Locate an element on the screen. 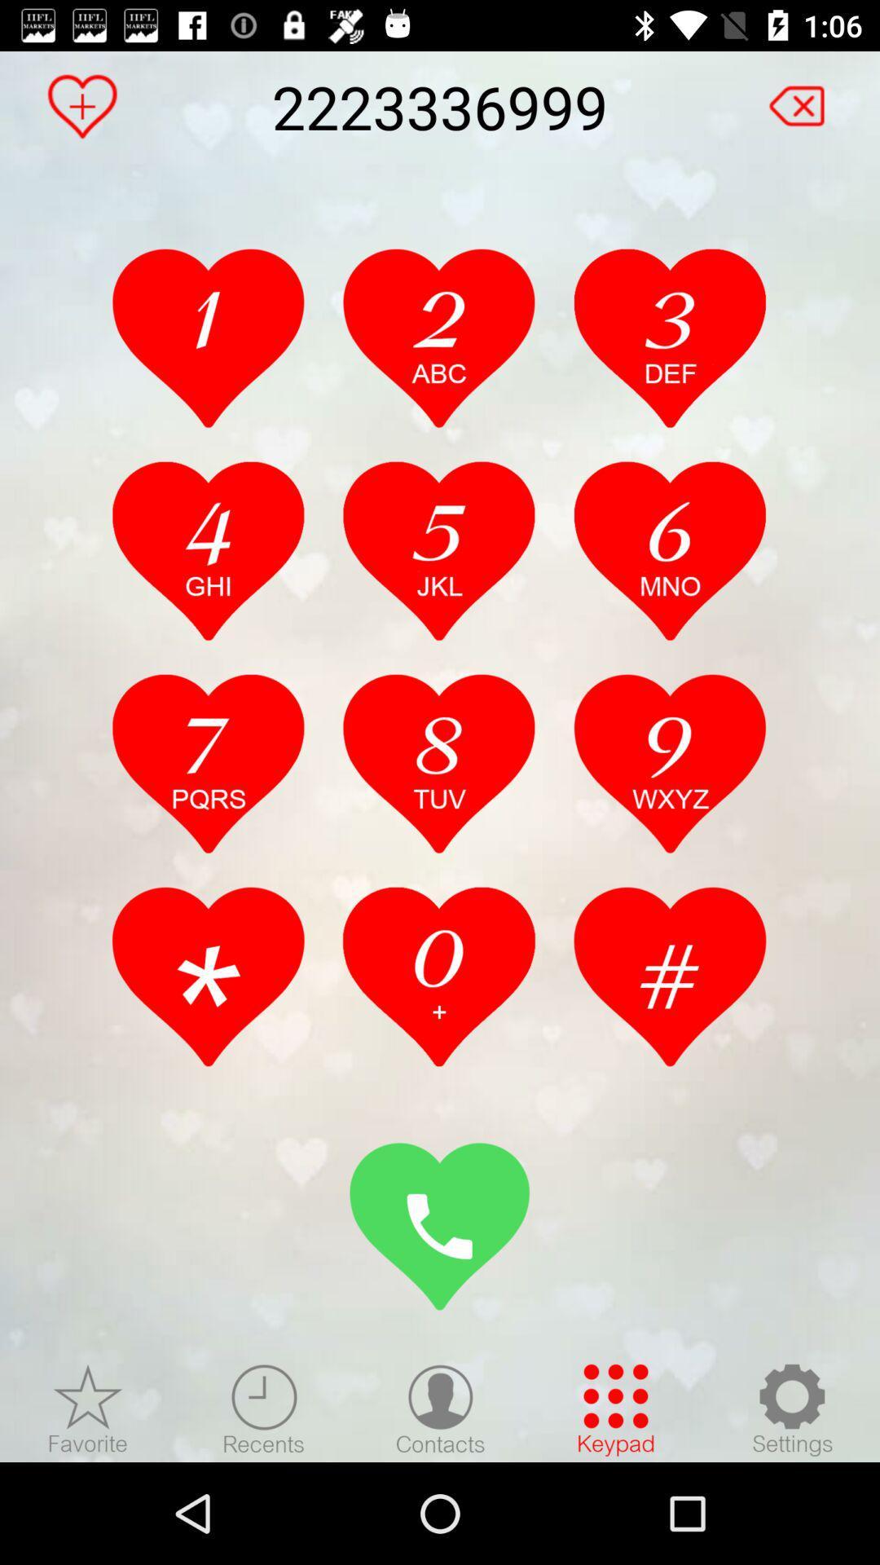 This screenshot has height=1565, width=880. the star icon is located at coordinates (88, 1408).